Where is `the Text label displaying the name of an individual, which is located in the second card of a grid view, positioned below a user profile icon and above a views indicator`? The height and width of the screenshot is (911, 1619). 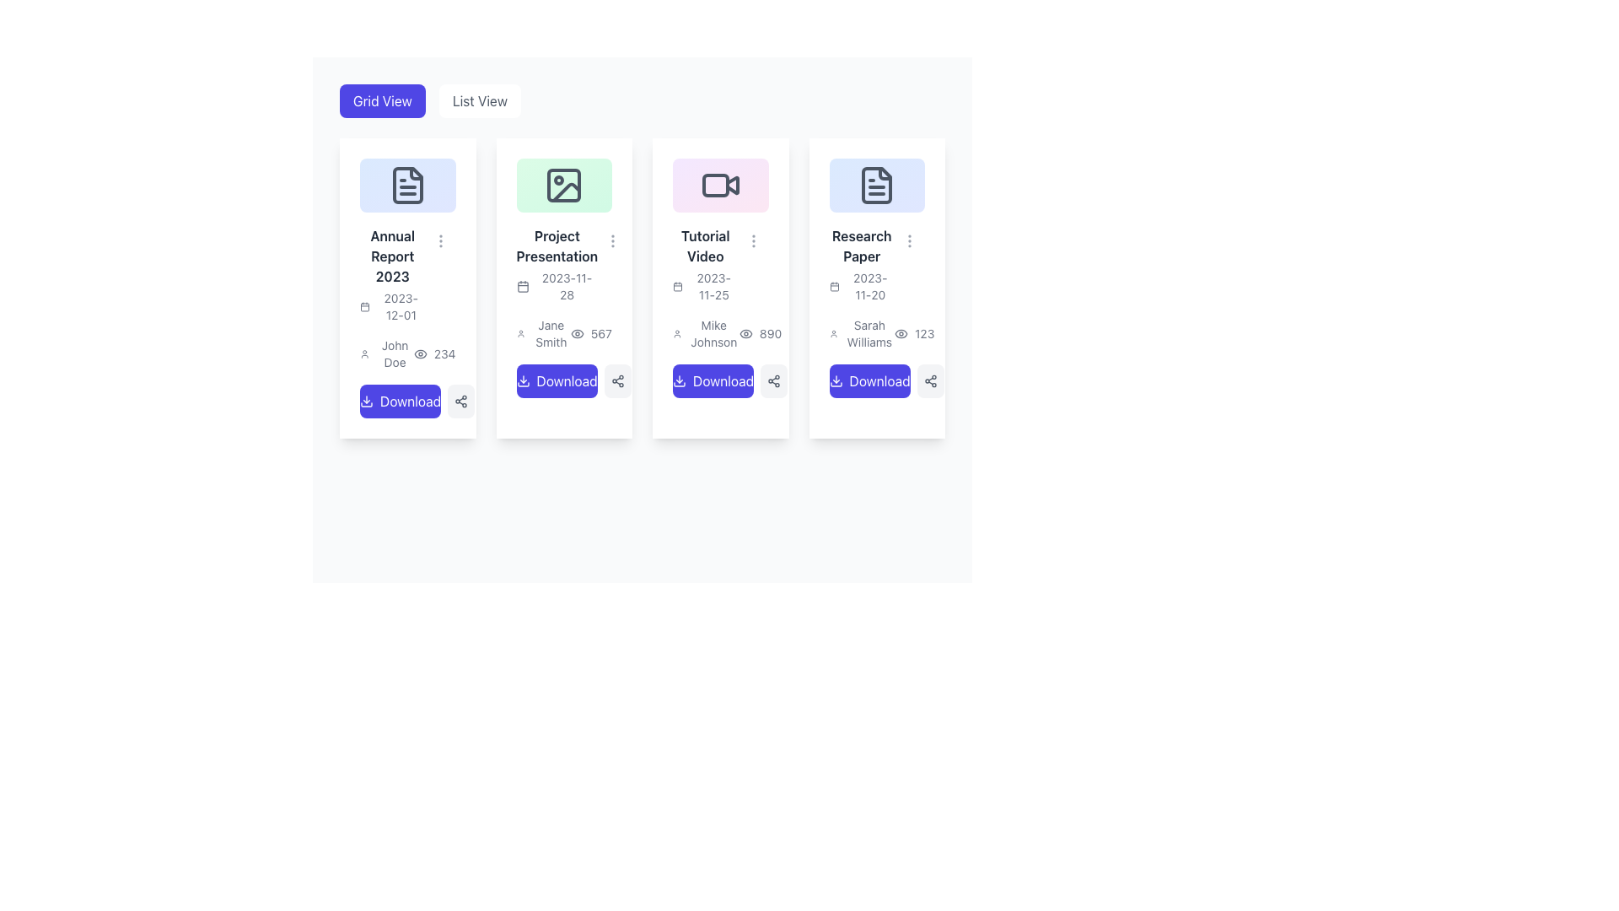 the Text label displaying the name of an individual, which is located in the second card of a grid view, positioned below a user profile icon and above a views indicator is located at coordinates (551, 333).